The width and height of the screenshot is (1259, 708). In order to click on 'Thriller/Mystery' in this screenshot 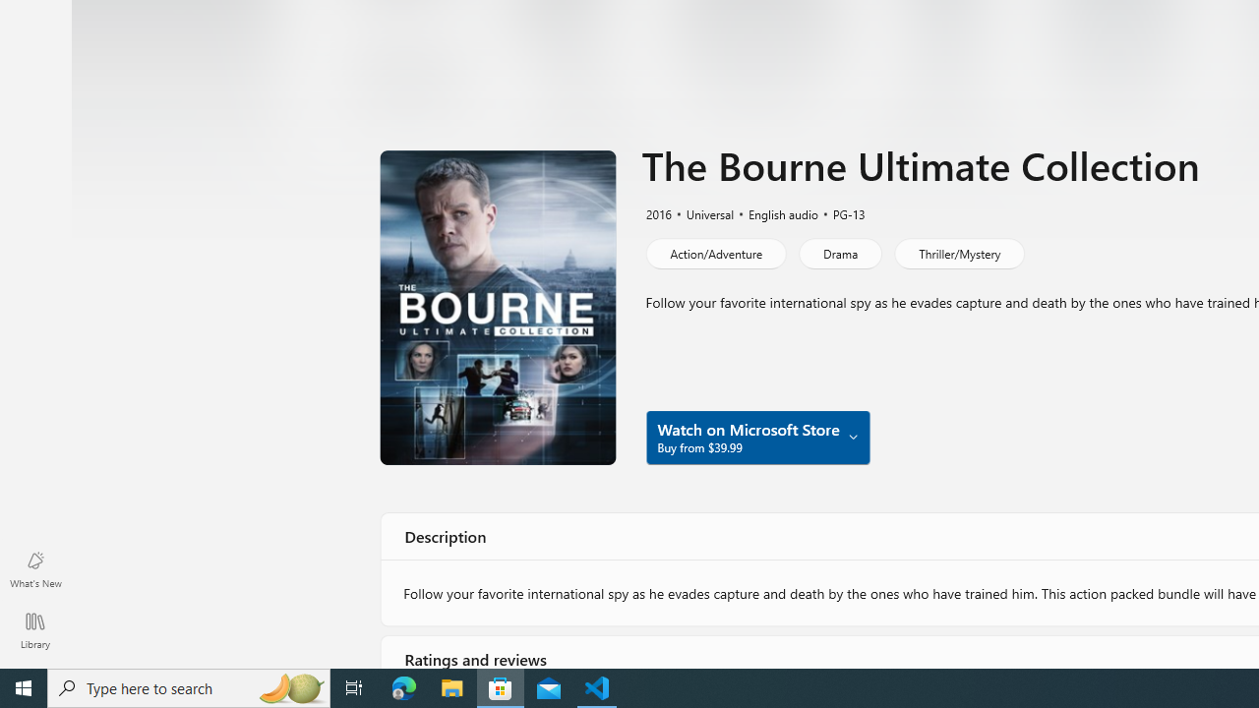, I will do `click(959, 253)`.